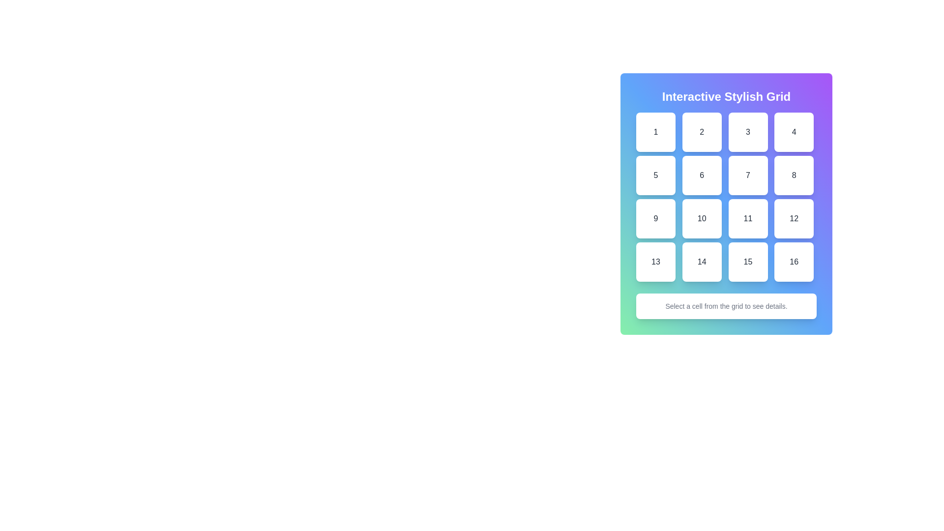 The height and width of the screenshot is (531, 944). I want to click on the rectangular button with rounded corners that displays the number '11' in bold black font, so click(747, 218).